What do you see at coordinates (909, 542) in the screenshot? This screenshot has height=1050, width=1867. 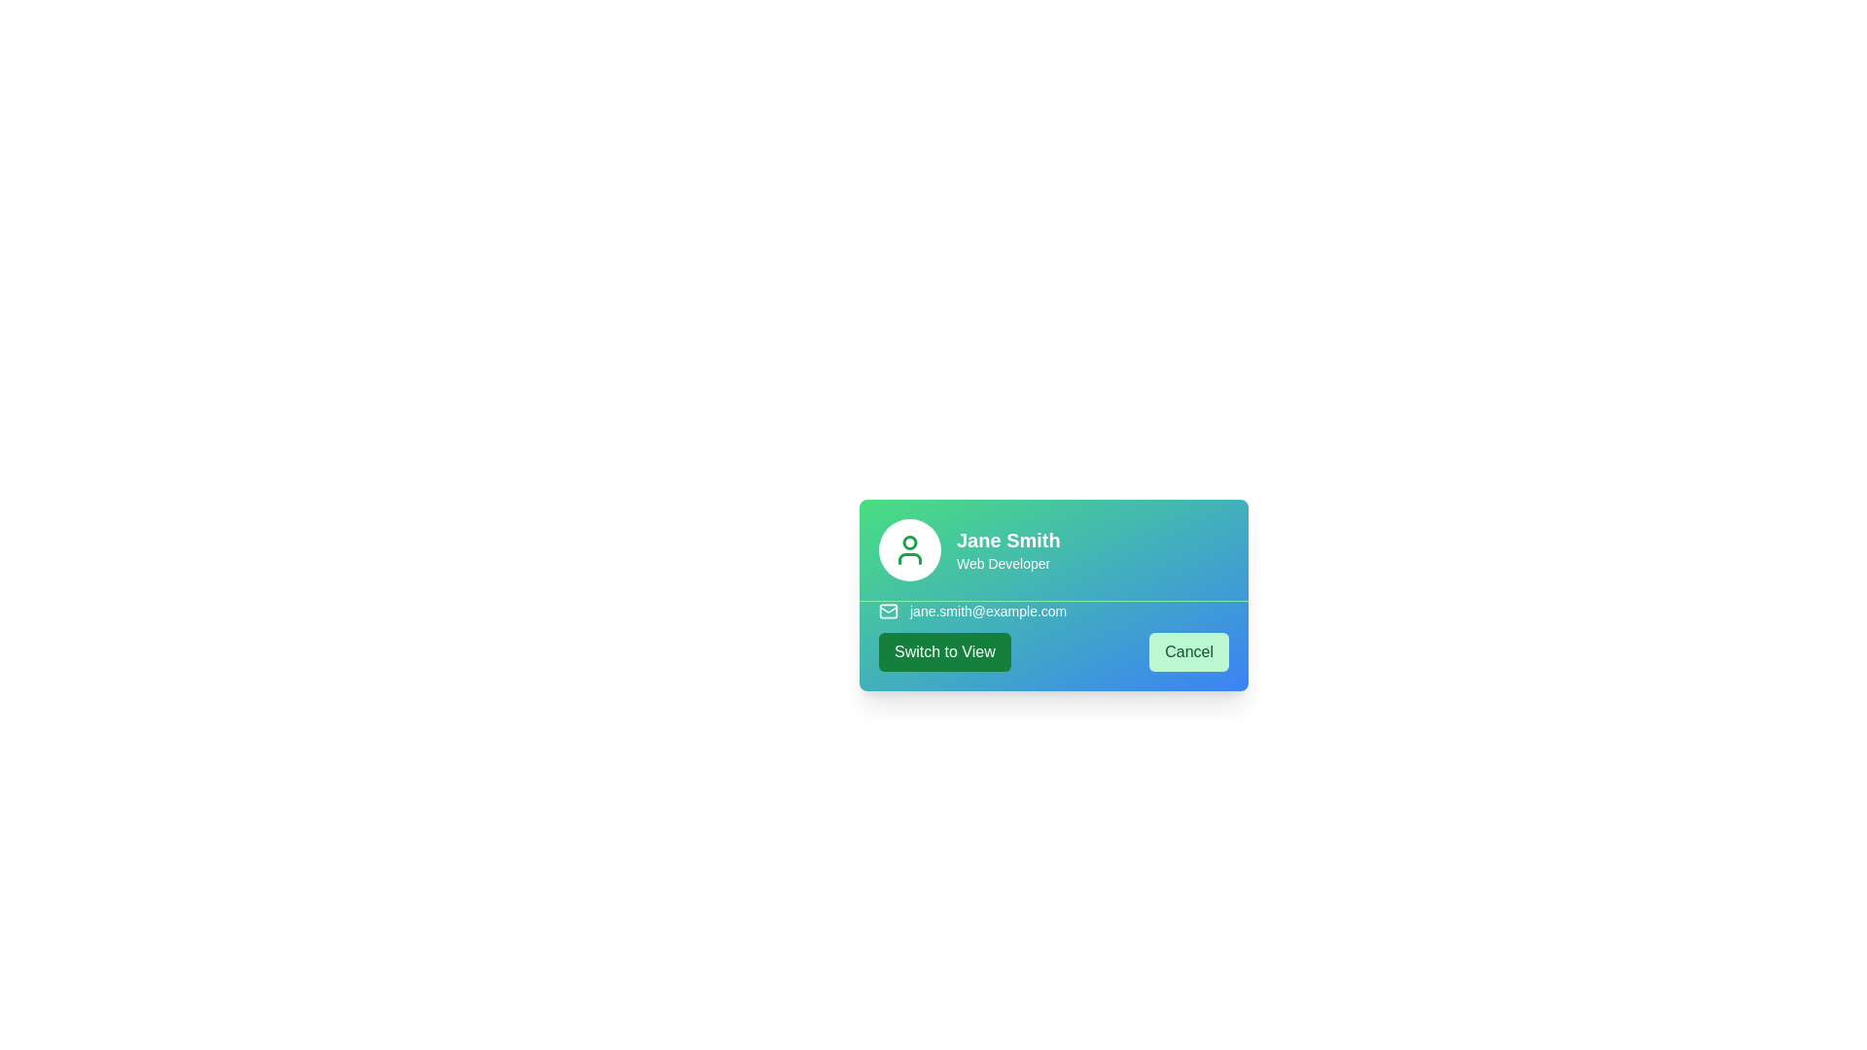 I see `the user's avatar icon within the user profile card, which is a small circular shape located above the text elements` at bounding box center [909, 542].